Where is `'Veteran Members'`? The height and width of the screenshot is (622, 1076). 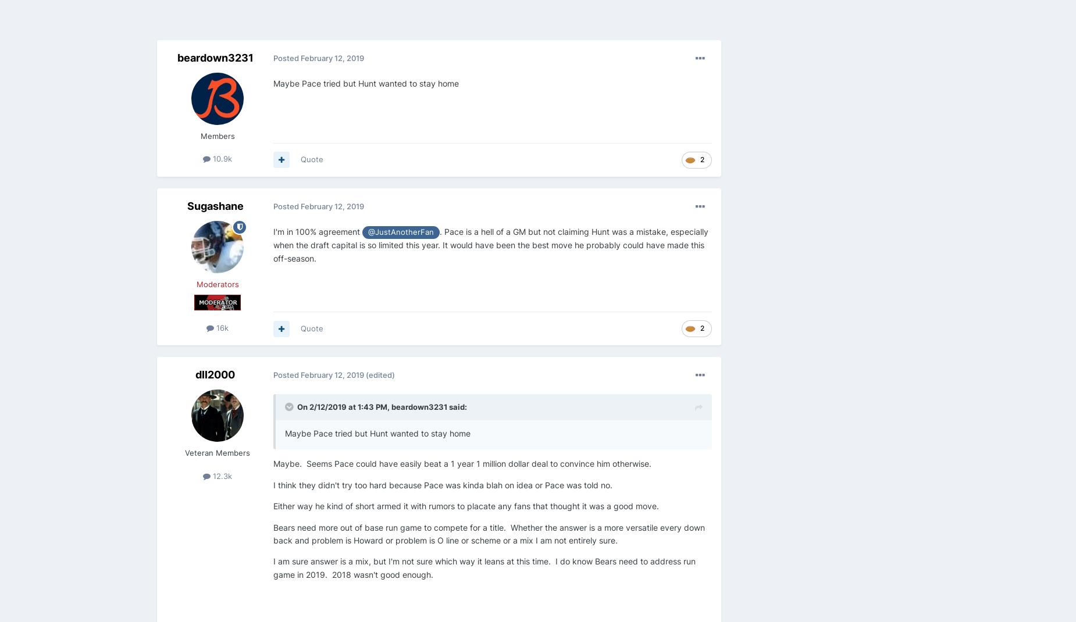
'Veteran Members' is located at coordinates (184, 452).